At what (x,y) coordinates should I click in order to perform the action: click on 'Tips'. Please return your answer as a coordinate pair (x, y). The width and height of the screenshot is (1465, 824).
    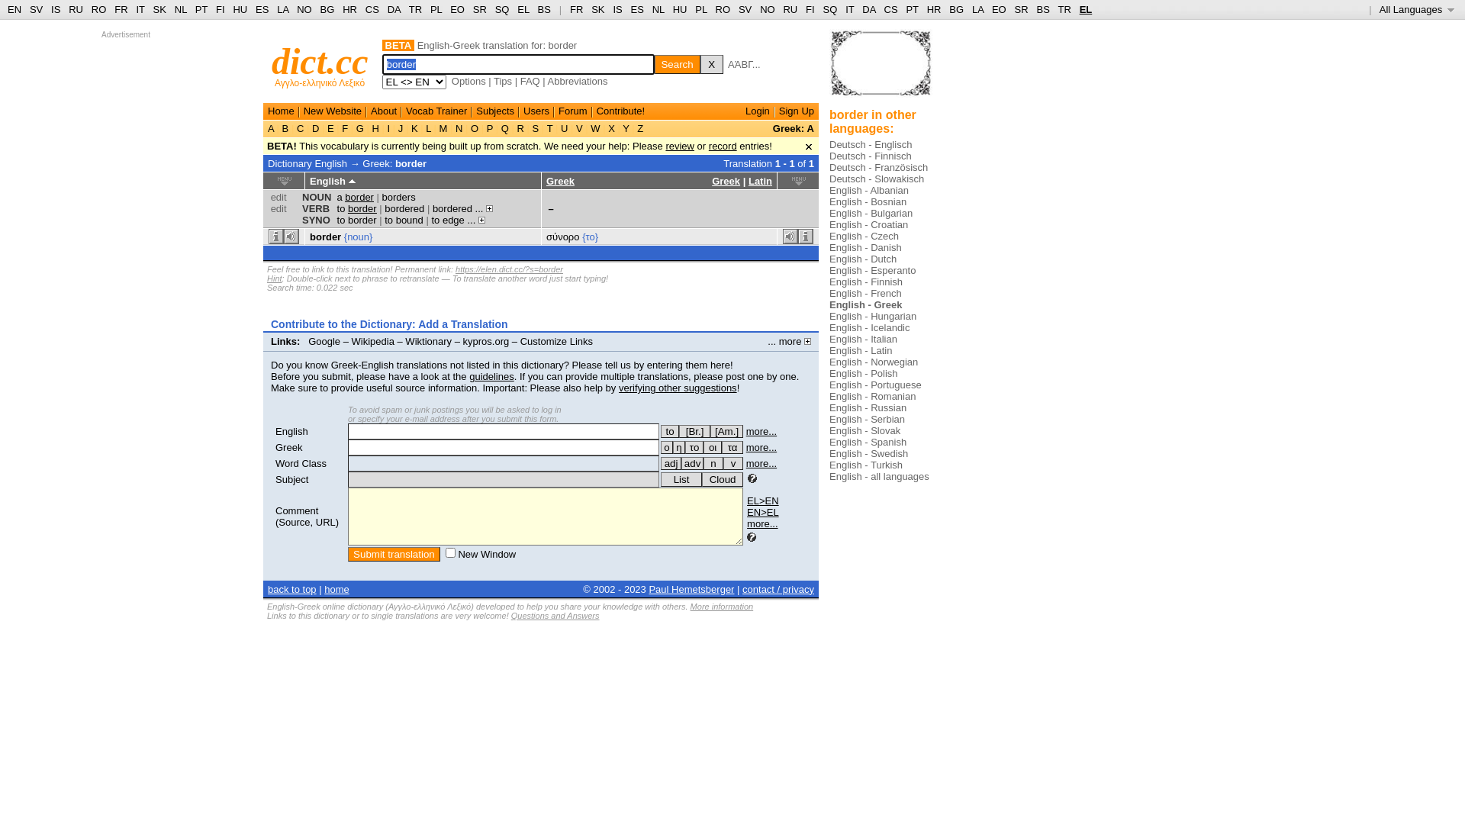
    Looking at the image, I should click on (502, 81).